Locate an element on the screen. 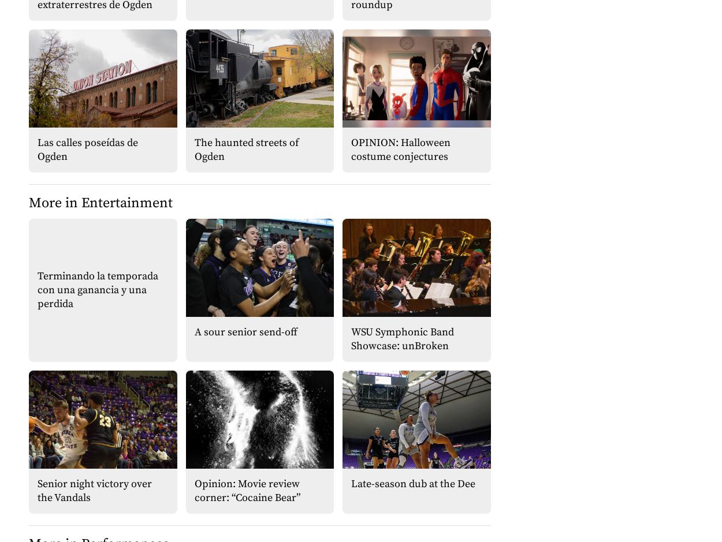 This screenshot has width=722, height=542. 'Terminando la temporada con una ganancia y una perdida' is located at coordinates (98, 289).